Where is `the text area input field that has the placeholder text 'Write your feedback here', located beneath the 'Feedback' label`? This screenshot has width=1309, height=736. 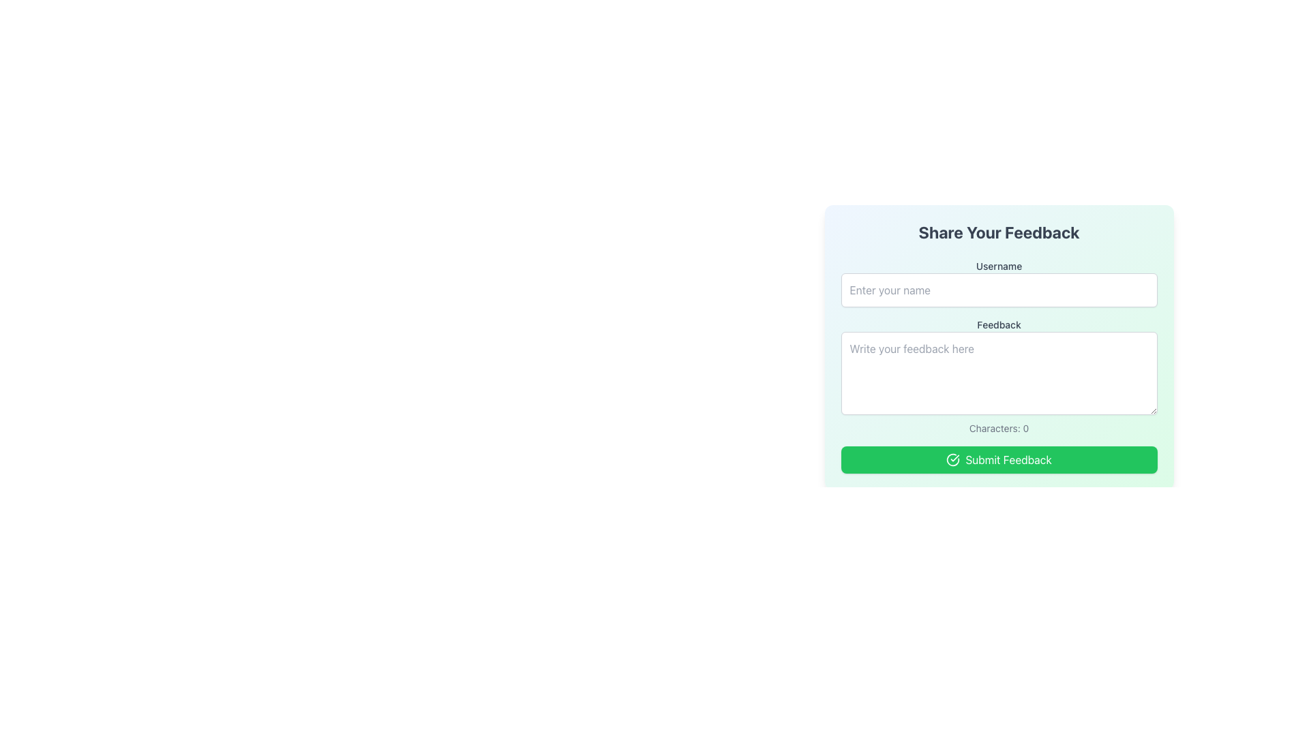 the text area input field that has the placeholder text 'Write your feedback here', located beneath the 'Feedback' label is located at coordinates (999, 376).